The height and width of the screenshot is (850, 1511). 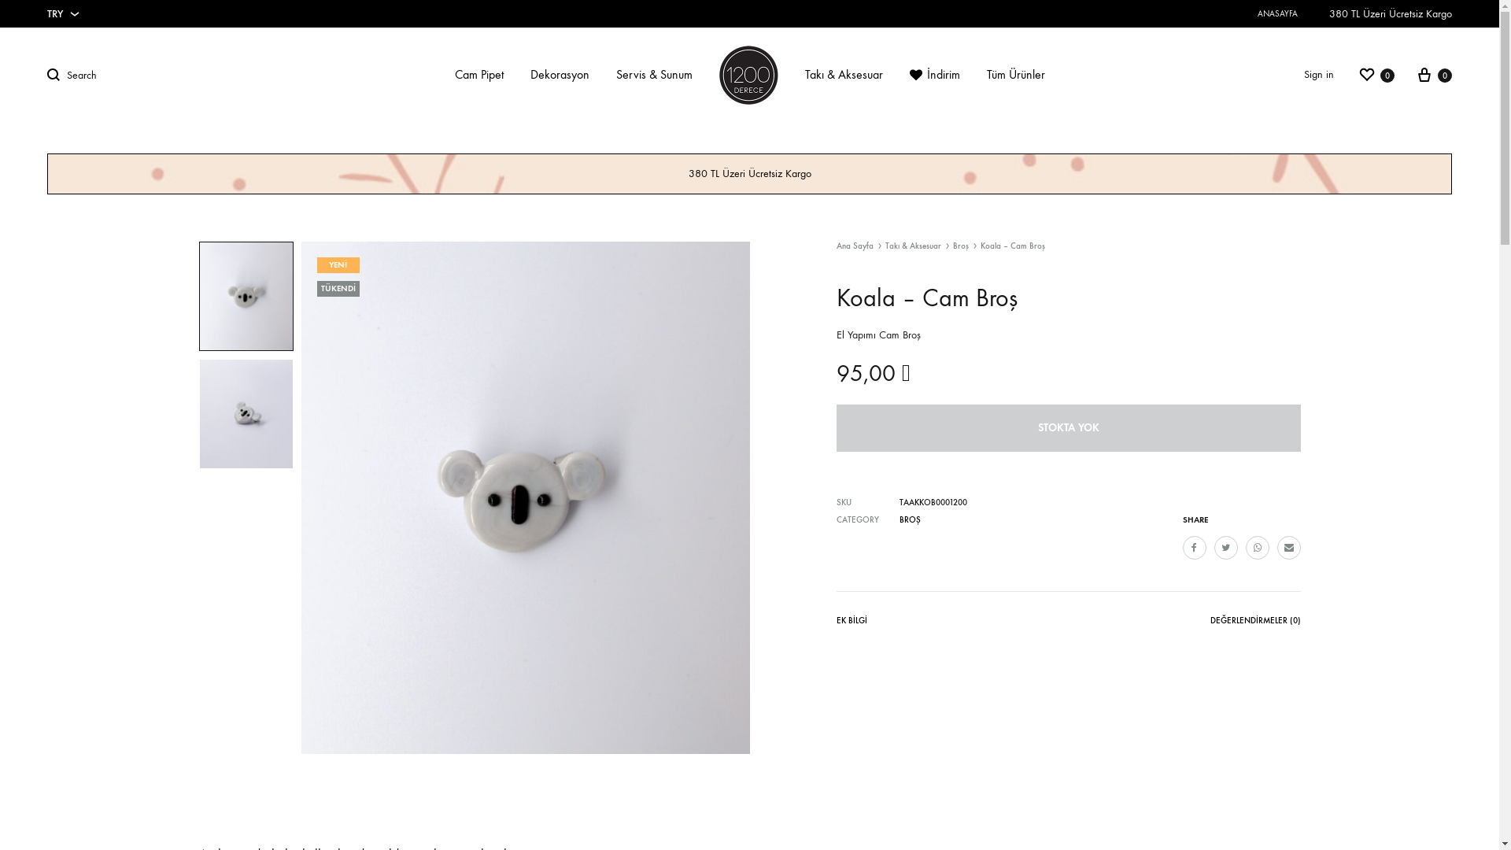 What do you see at coordinates (1277, 13) in the screenshot?
I see `'ANASAYFA'` at bounding box center [1277, 13].